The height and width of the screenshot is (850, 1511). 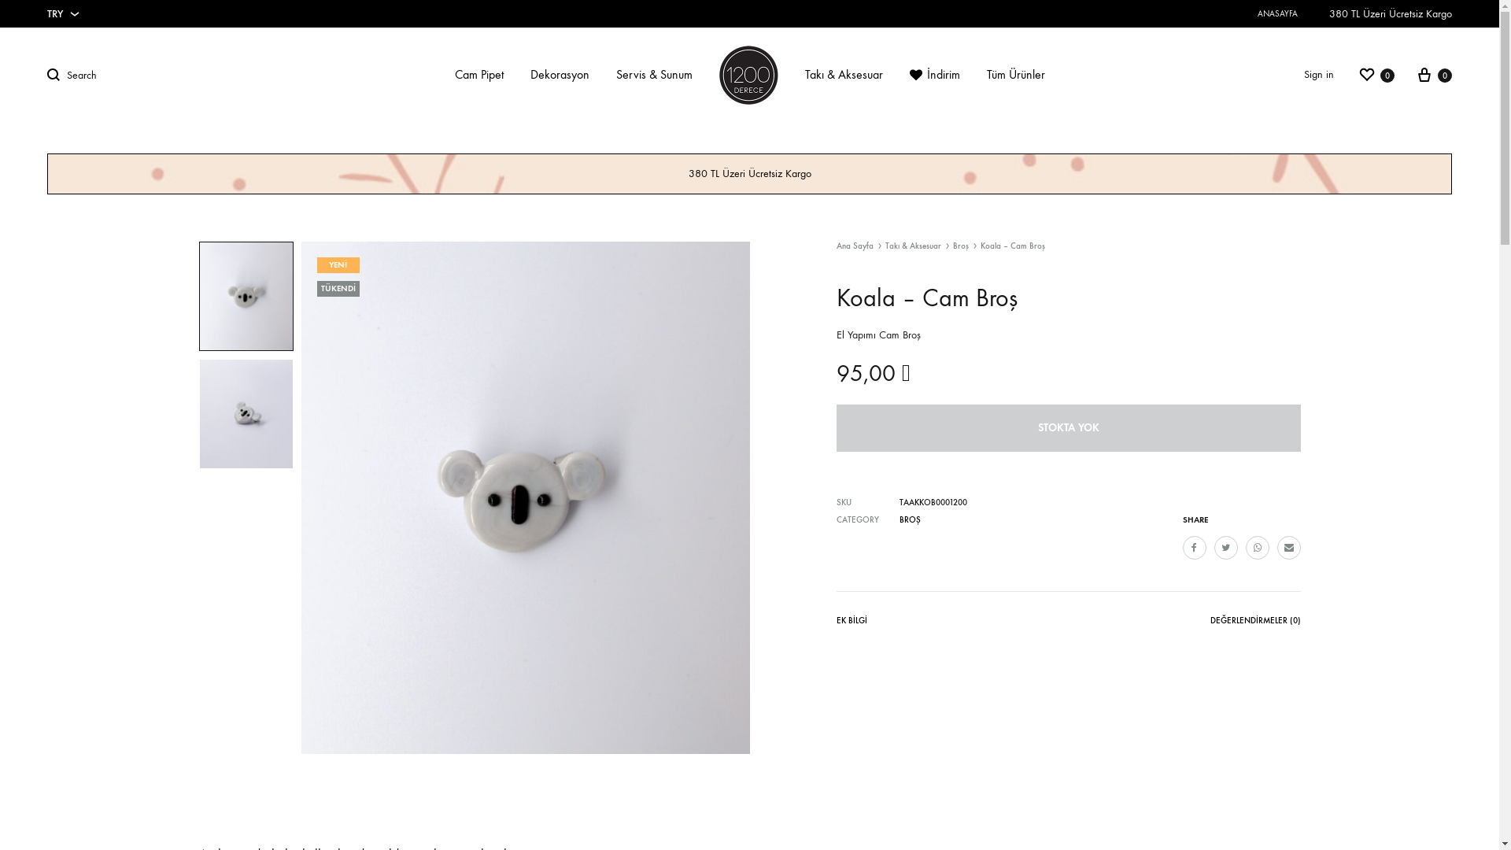 What do you see at coordinates (1277, 13) in the screenshot?
I see `'ANASAYFA'` at bounding box center [1277, 13].